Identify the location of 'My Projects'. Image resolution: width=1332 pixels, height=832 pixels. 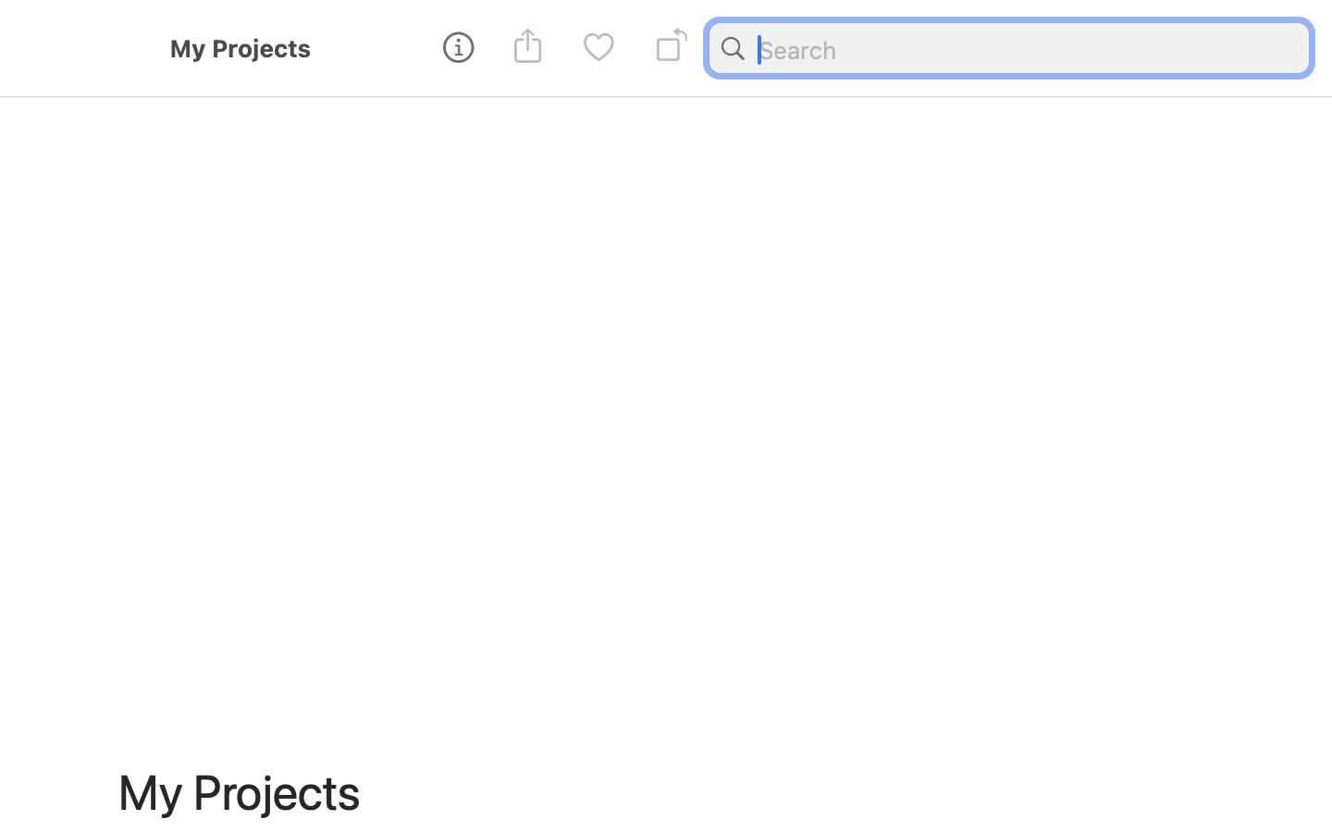
(239, 47).